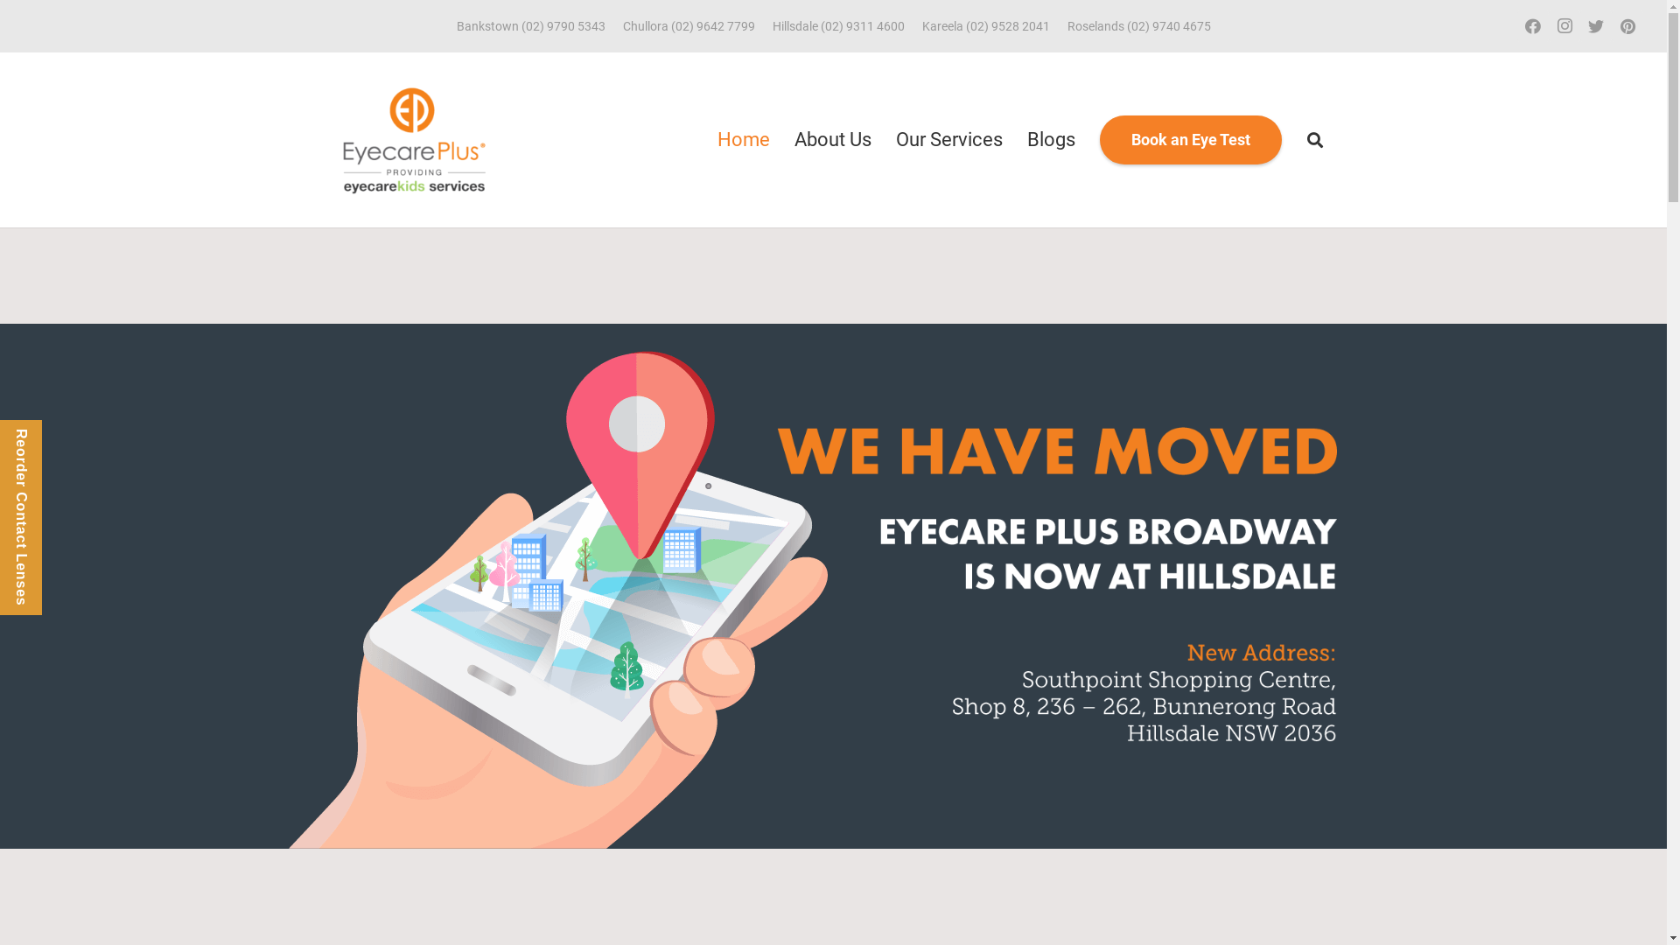  I want to click on 'Roselands (02) 9740 4675', so click(1138, 26).